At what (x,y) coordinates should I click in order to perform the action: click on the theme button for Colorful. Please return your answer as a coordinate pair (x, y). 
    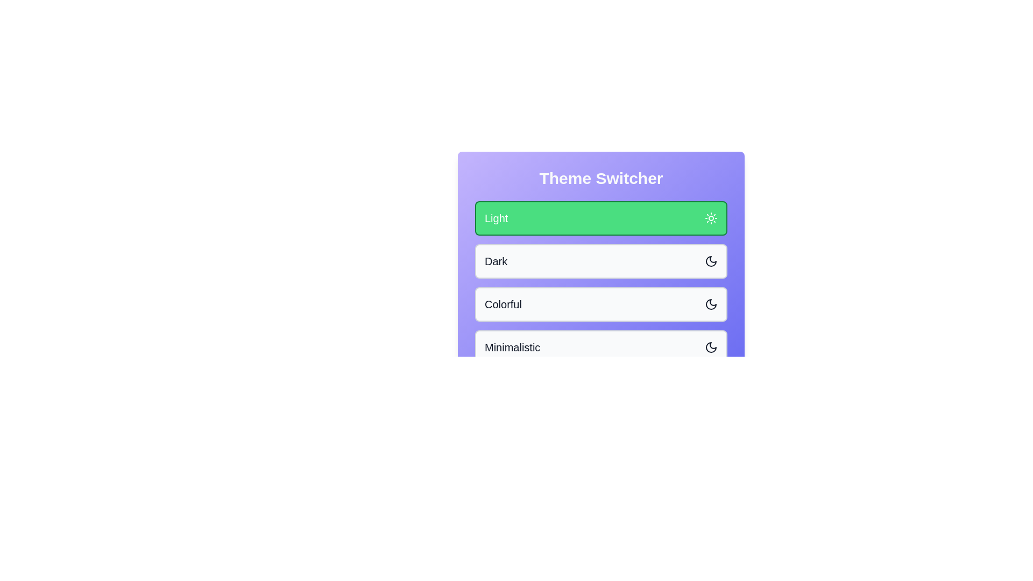
    Looking at the image, I should click on (600, 304).